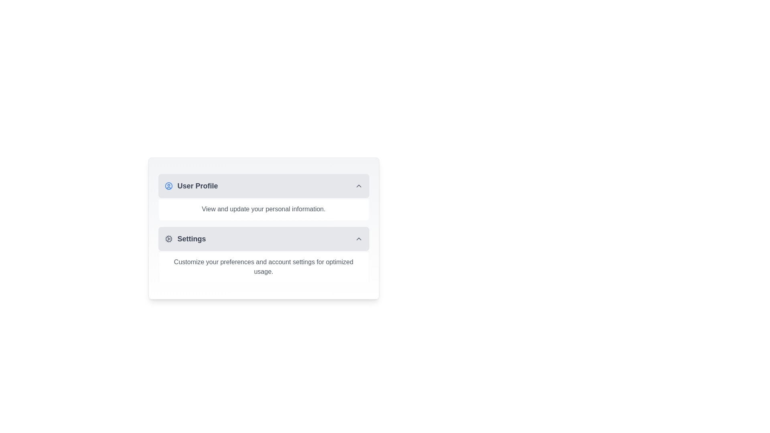  I want to click on the 'Settings' navigation item, which is the second block under the 'User Profile' header, so click(184, 239).